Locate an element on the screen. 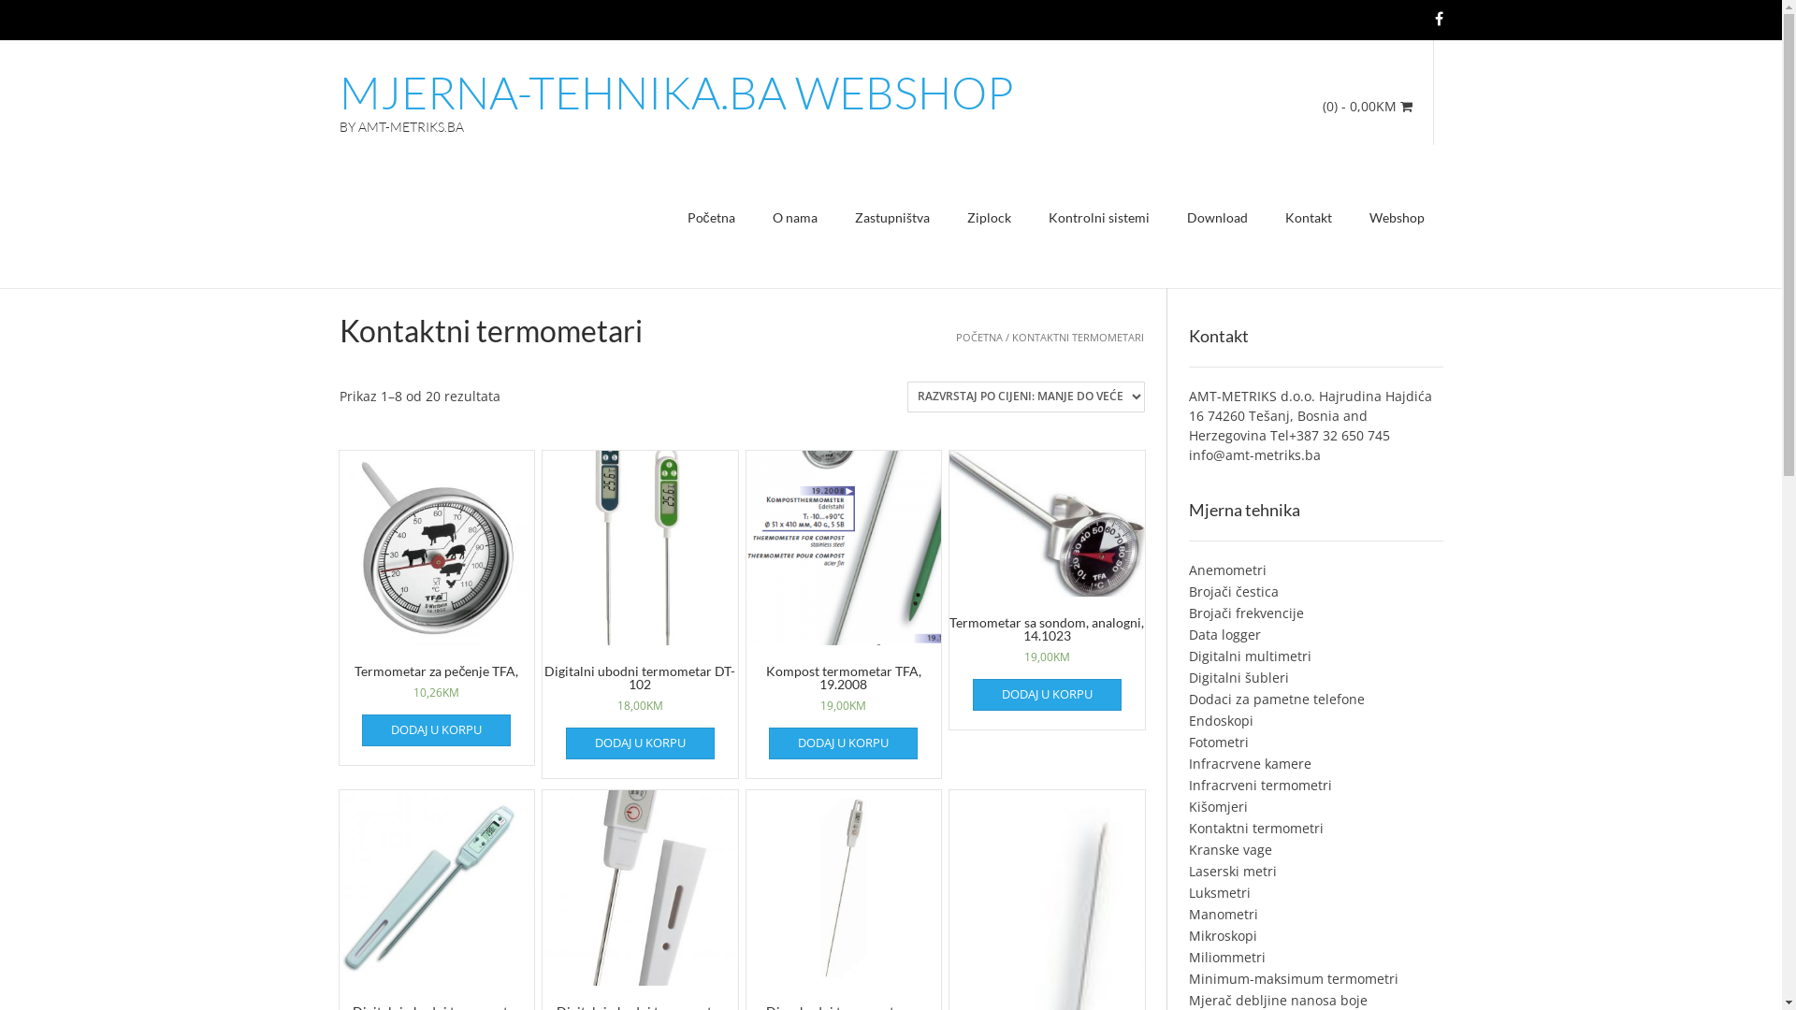 This screenshot has height=1010, width=1796. 'Infracrvene kamere' is located at coordinates (1250, 763).